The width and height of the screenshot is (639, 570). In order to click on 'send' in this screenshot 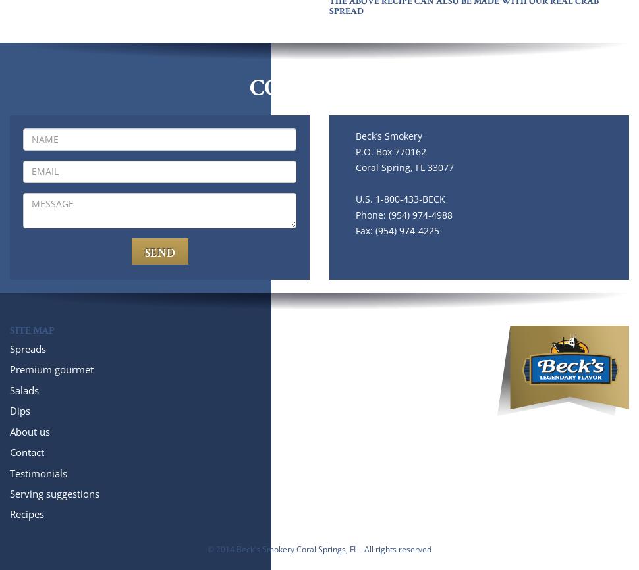, I will do `click(144, 251)`.